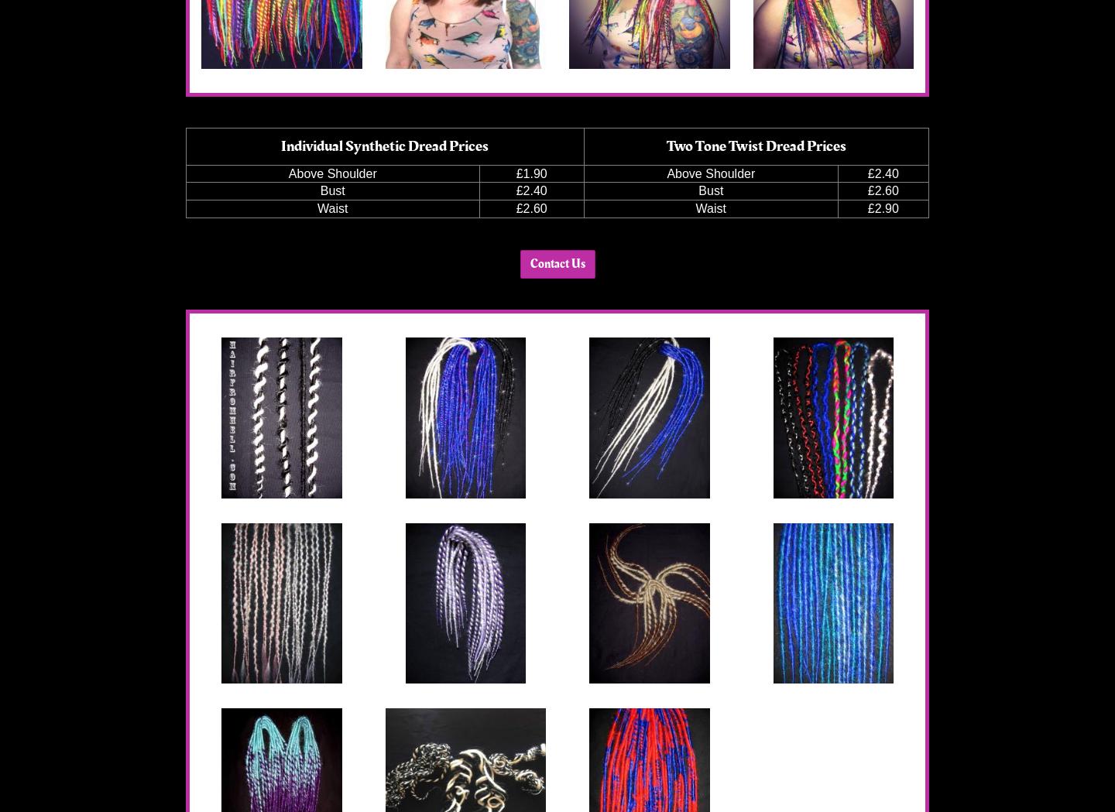 The height and width of the screenshot is (812, 1115). Describe the element at coordinates (557, 263) in the screenshot. I see `'Contact Us'` at that location.